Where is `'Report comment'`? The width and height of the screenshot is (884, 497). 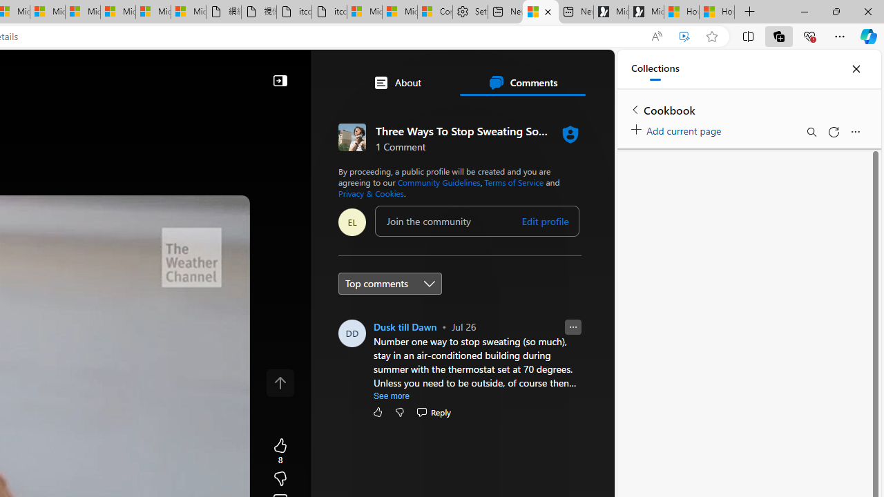 'Report comment' is located at coordinates (573, 327).